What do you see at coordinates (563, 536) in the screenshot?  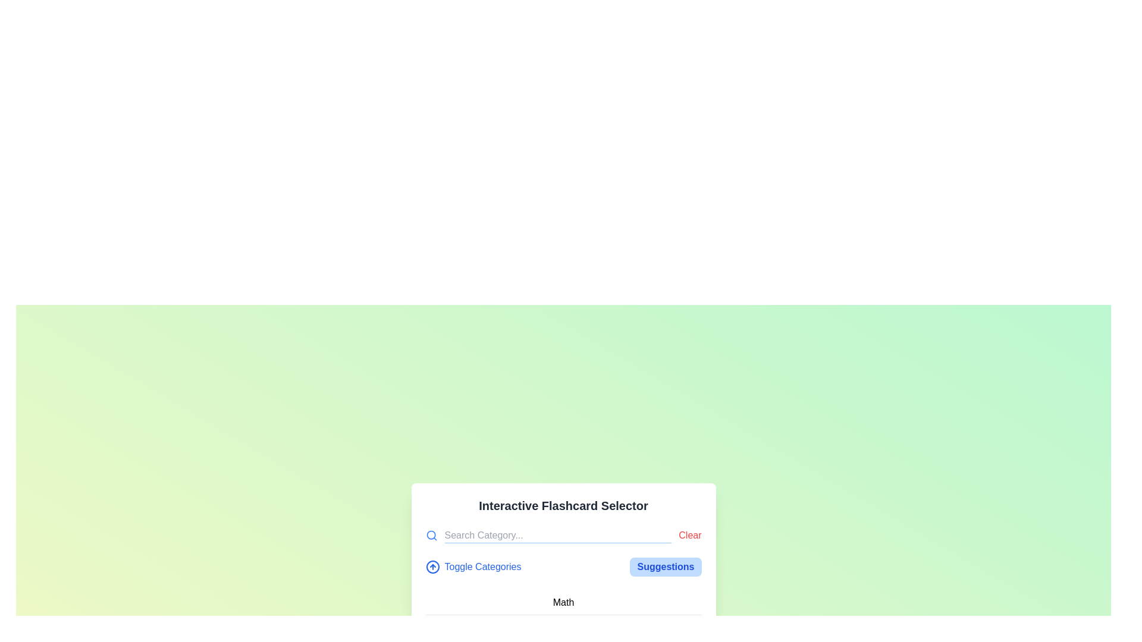 I see `the reset button located at the top-right corner of the 'Interactive Flashcard Selector' section` at bounding box center [563, 536].